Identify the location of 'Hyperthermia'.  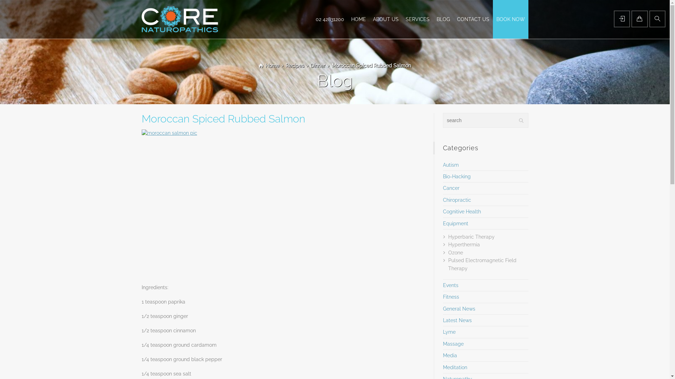
(448, 244).